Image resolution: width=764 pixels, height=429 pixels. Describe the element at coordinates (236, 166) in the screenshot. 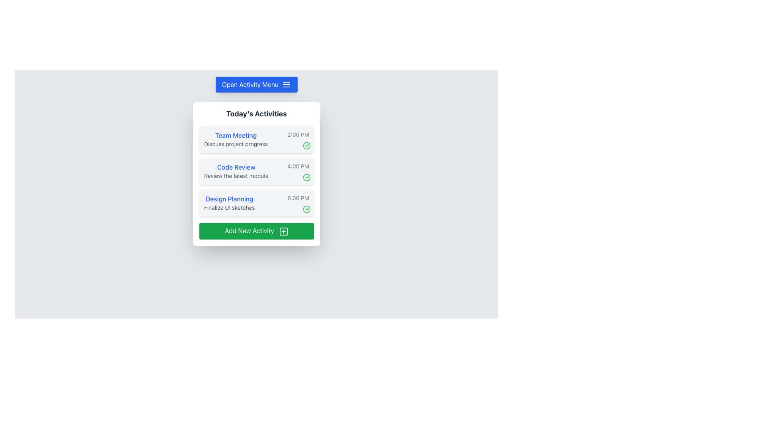

I see `the text label that serves as the header or title for the associated activity, located above the 'Review the latest module' text and beneath the 'Team Meeting' entry` at that location.